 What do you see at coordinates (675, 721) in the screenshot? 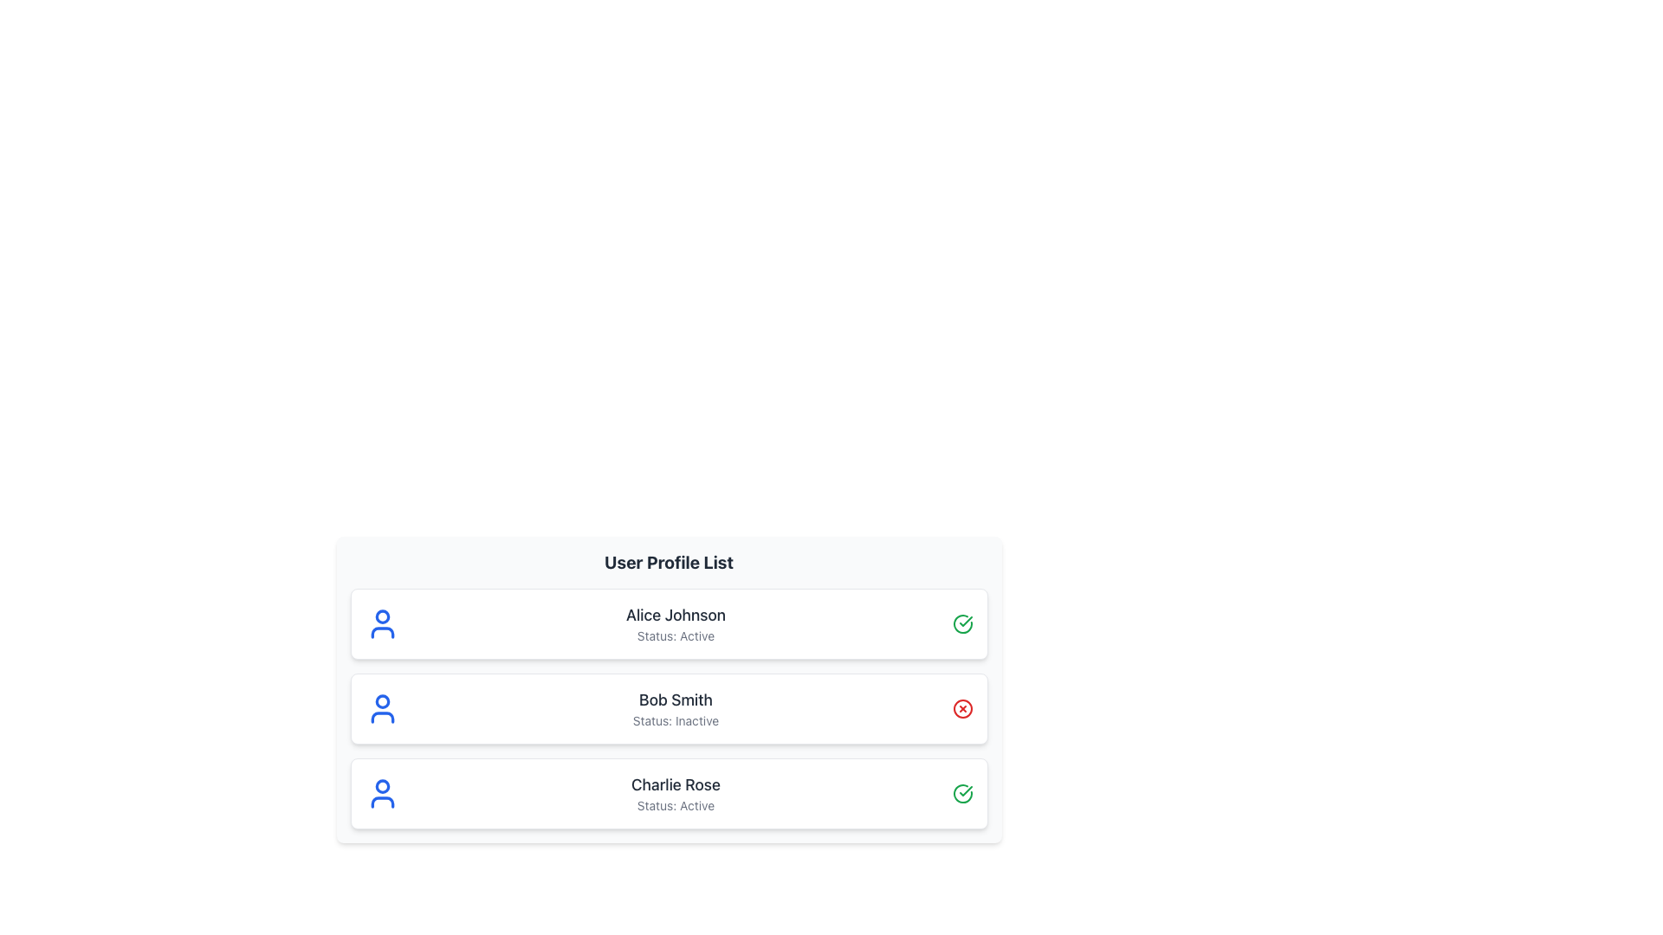
I see `the text label displaying 'Status: Inactive' located beneath 'Bob Smith' in the user profile list` at bounding box center [675, 721].